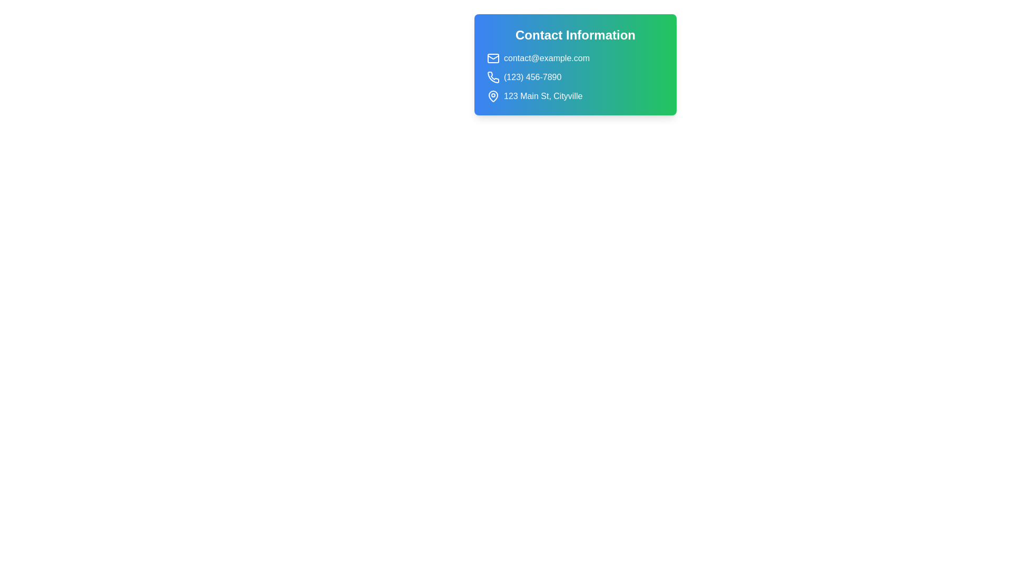  What do you see at coordinates (493, 76) in the screenshot?
I see `the telephone icon, which is the second item in the vertical list of three symbols in the 'Contact Information' interface, located between the envelope icon and the location pin icon` at bounding box center [493, 76].